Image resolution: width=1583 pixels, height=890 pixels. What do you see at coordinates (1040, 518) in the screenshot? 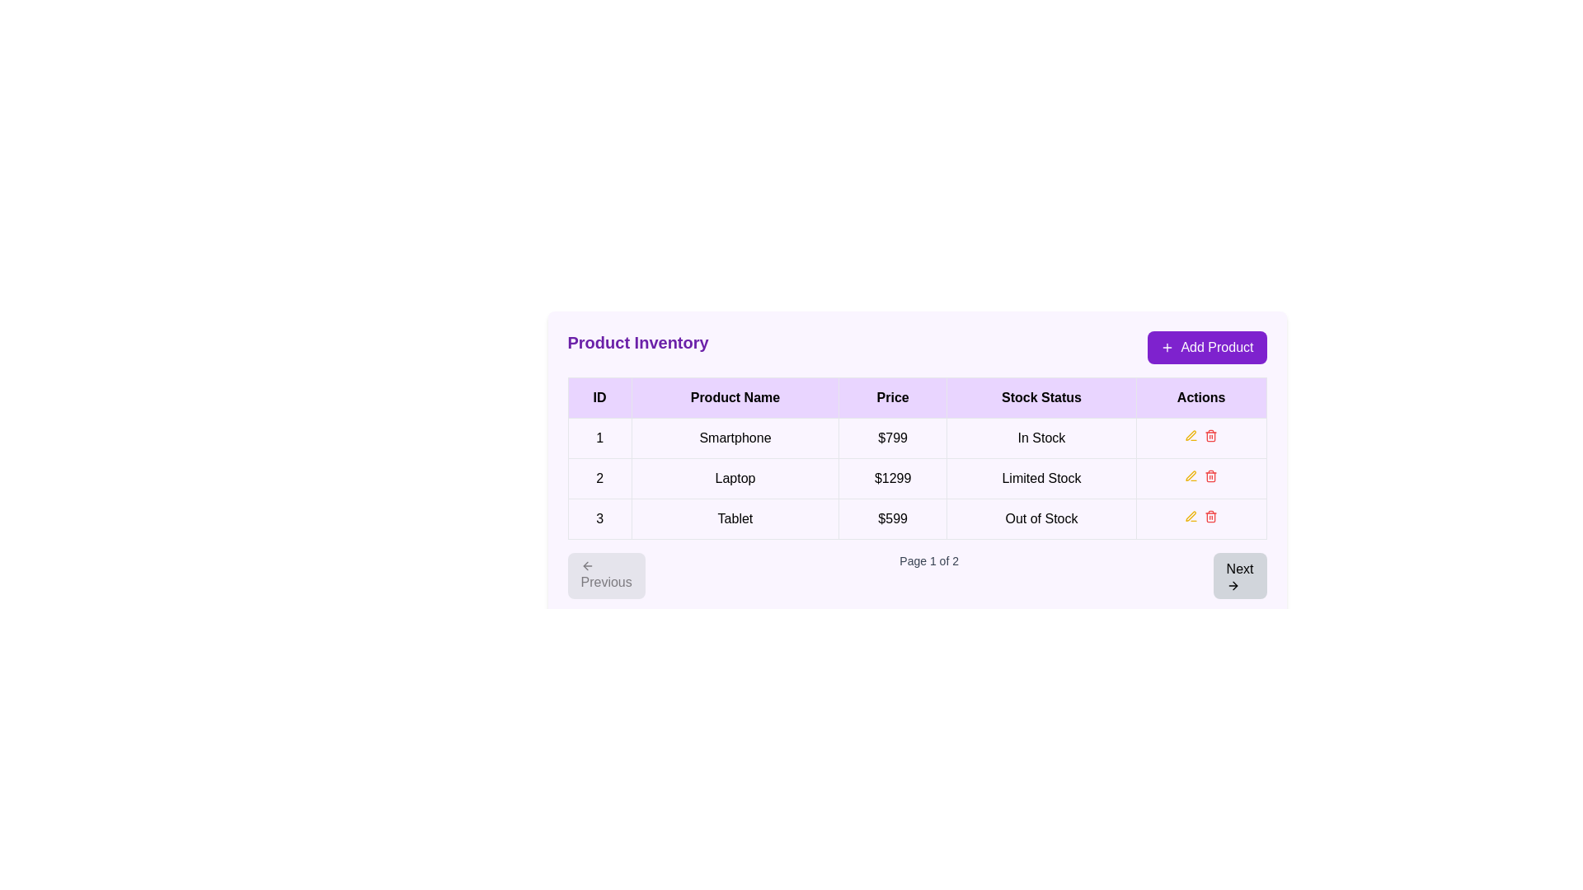
I see `text label indicating the stock status of the 'Tablet' product located in the fourth column of the third row of the table, which clarifies that the product is currently unavailable` at bounding box center [1040, 518].